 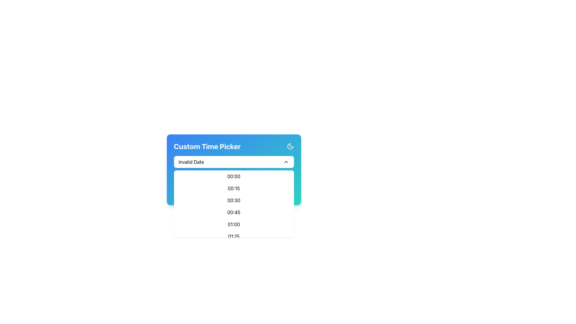 I want to click on the upward-pointing chevron icon located in the top-right corner of the 'Invalid Date' input field within the 'Custom Time Picker' component, so click(x=286, y=162).